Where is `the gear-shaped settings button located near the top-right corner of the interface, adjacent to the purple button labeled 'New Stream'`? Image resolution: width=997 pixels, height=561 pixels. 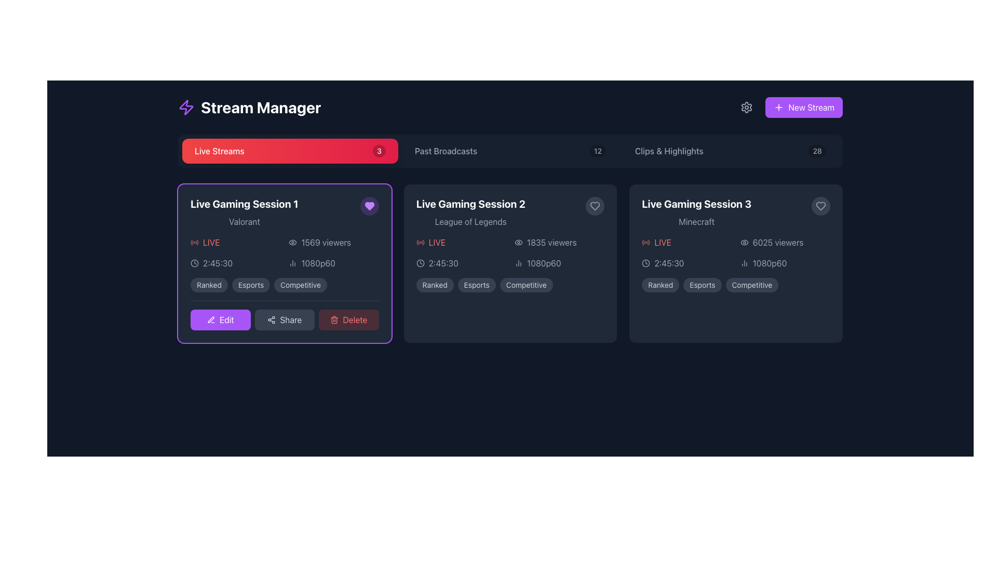
the gear-shaped settings button located near the top-right corner of the interface, adjacent to the purple button labeled 'New Stream' is located at coordinates (746, 108).